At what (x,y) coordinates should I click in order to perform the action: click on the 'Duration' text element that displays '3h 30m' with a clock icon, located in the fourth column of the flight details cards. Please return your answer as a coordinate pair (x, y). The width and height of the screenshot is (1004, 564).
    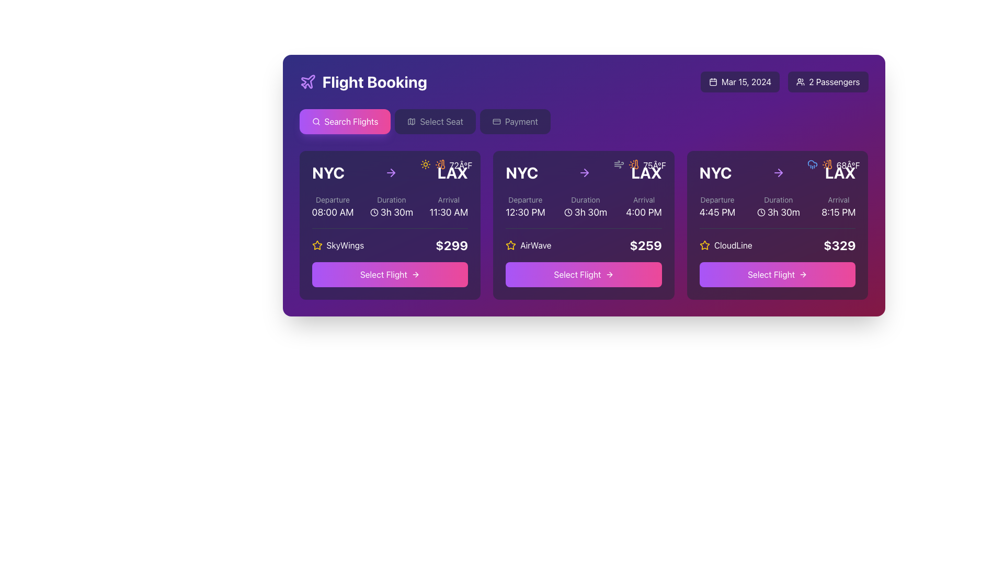
    Looking at the image, I should click on (778, 207).